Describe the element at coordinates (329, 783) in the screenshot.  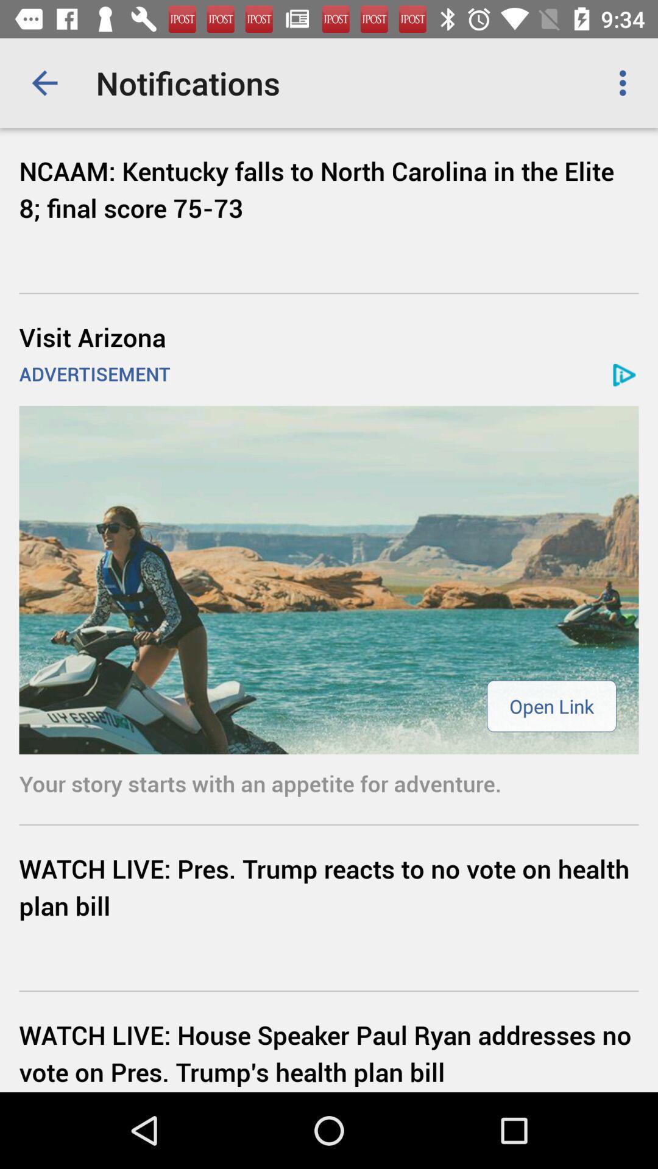
I see `your story starts` at that location.